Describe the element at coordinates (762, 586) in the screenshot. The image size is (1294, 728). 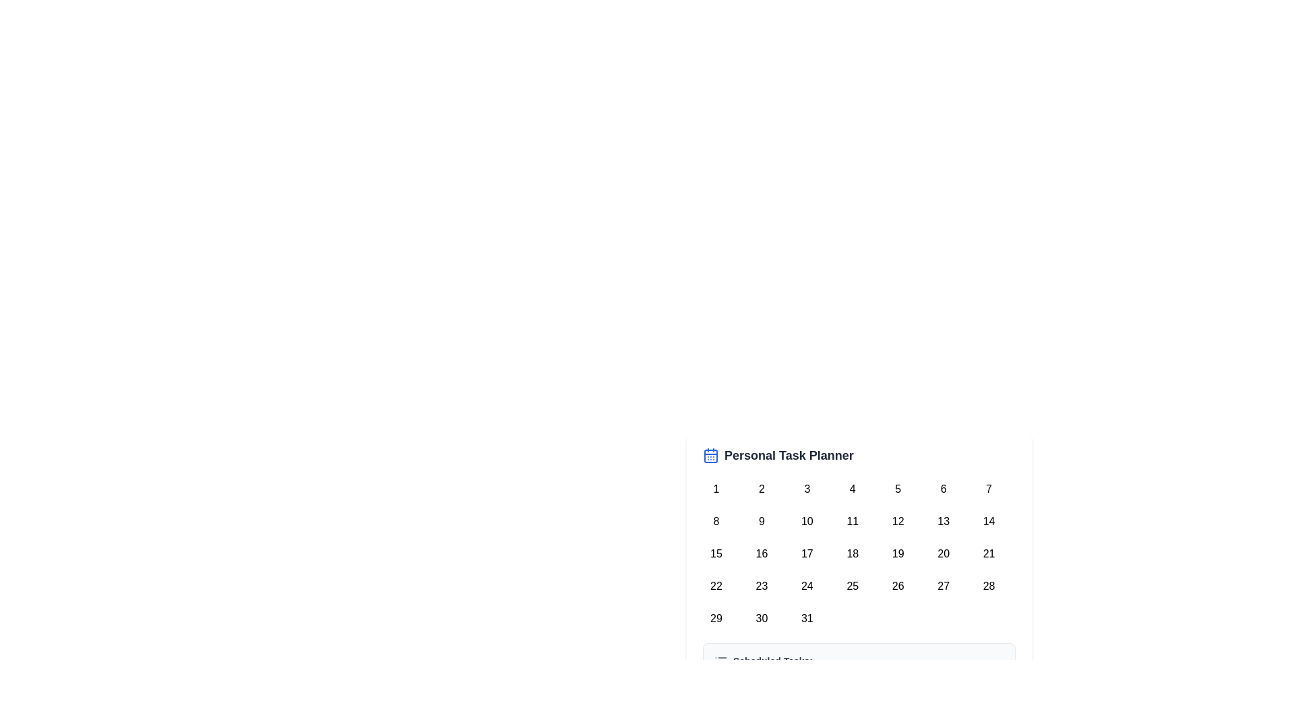
I see `the circular button displaying the number '23' in the calendar interface titled 'Personal Task Planner'` at that location.